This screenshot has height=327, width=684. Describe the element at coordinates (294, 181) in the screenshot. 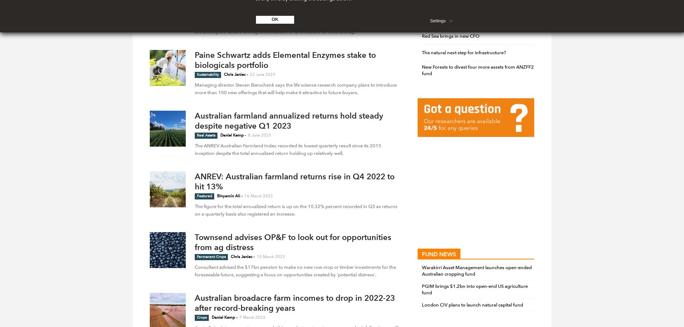

I see `'ANREV: Australian farmland returns rise in Q4 2022 to hit 13%'` at that location.